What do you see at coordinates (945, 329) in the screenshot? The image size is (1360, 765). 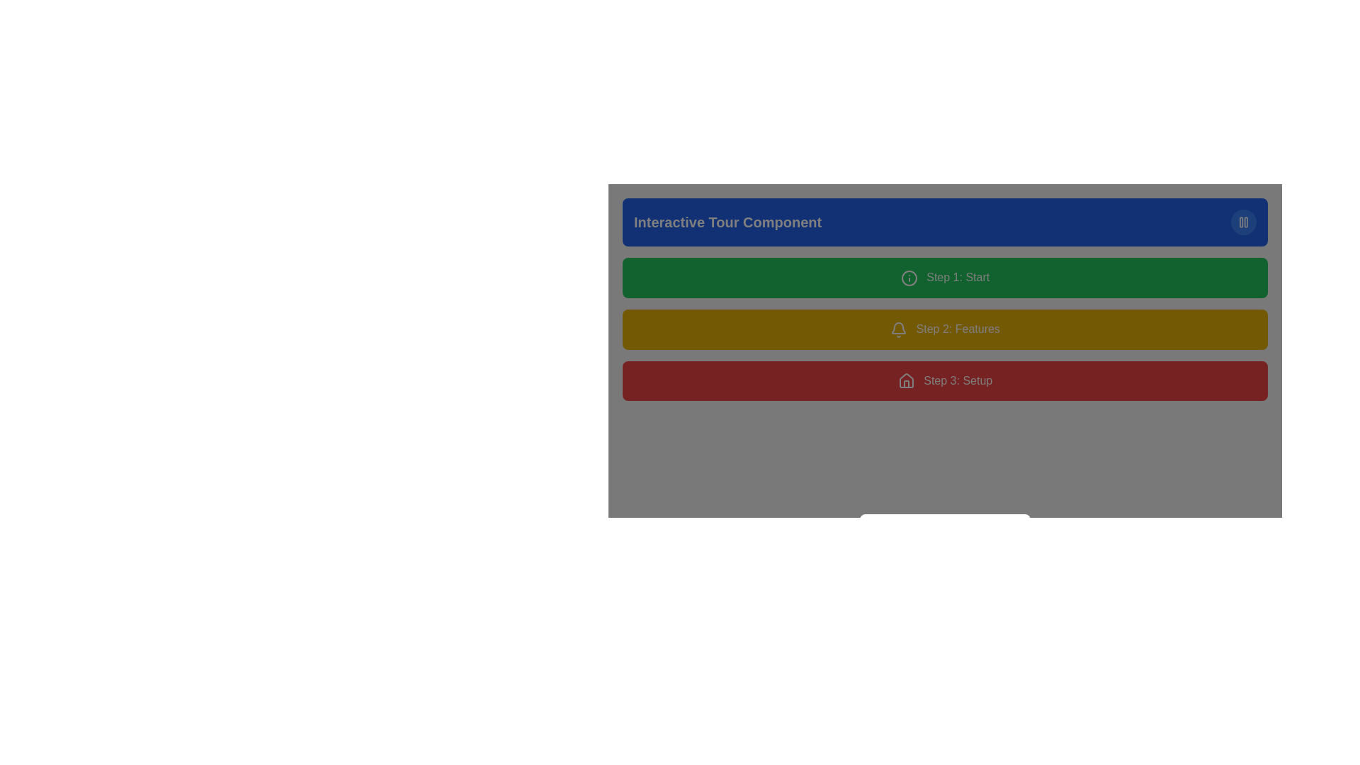 I see `the Label with icon that has a yellow background and contains the text 'Step 2: Features' accompanied by a bell icon` at bounding box center [945, 329].